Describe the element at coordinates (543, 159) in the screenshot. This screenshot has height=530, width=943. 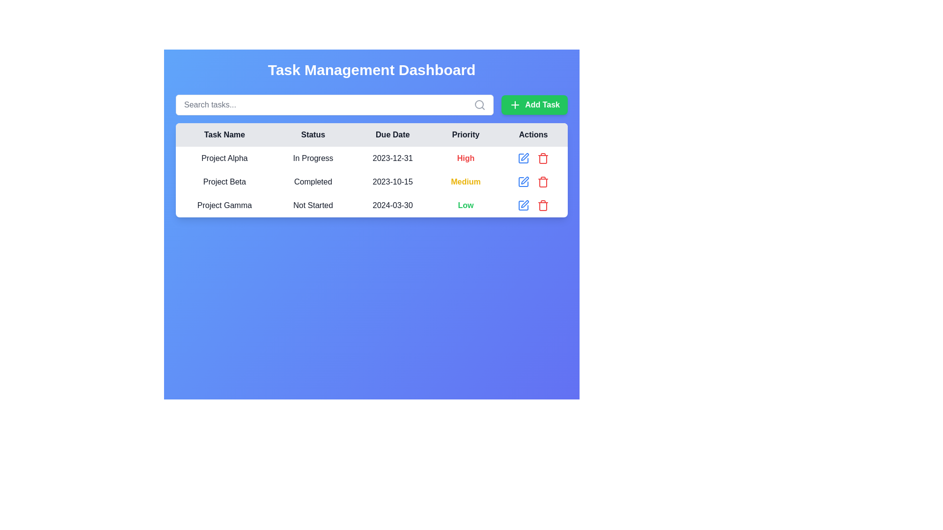
I see `the entire trash bin icon in the last row of the table for delete action` at that location.